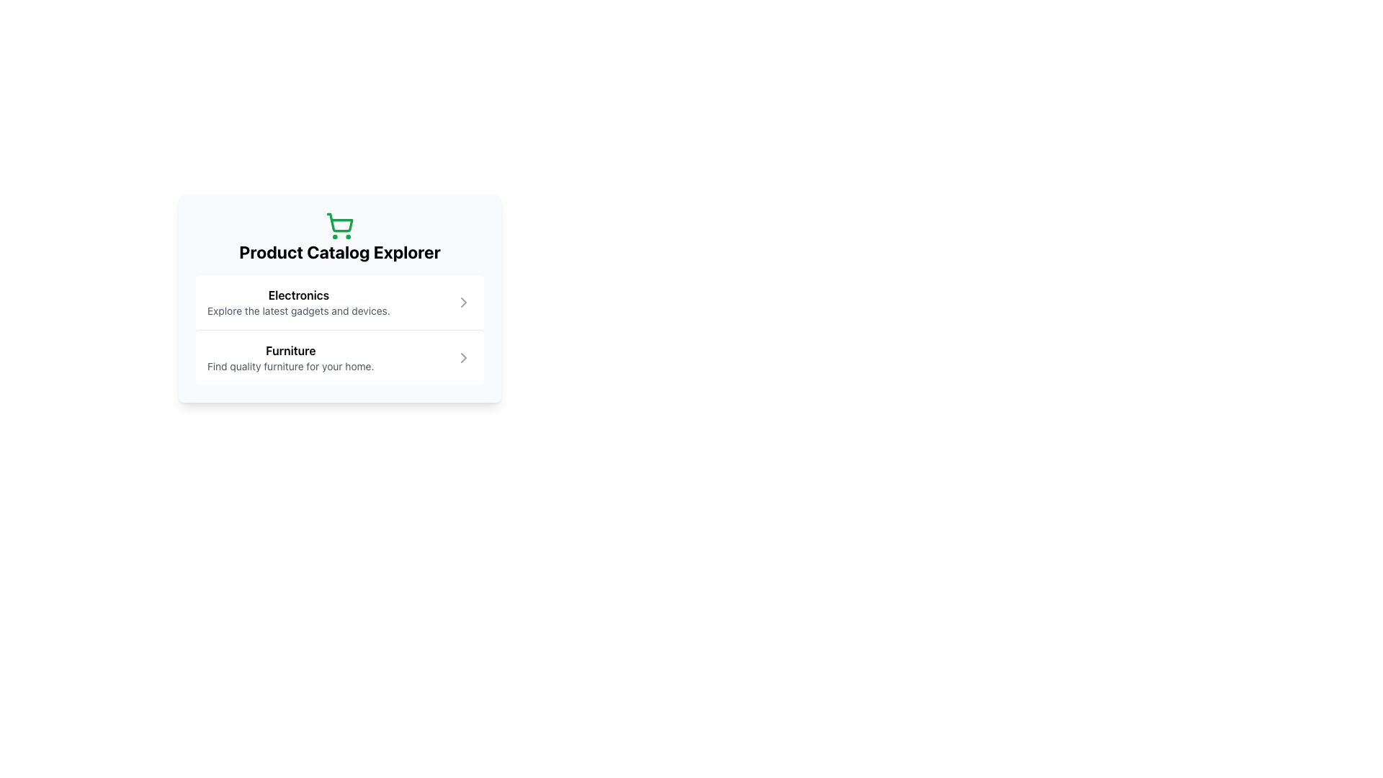  I want to click on the descriptive subtitle located below the 'Furniture' heading in the 'Product Catalog Explorer' section, so click(290, 366).